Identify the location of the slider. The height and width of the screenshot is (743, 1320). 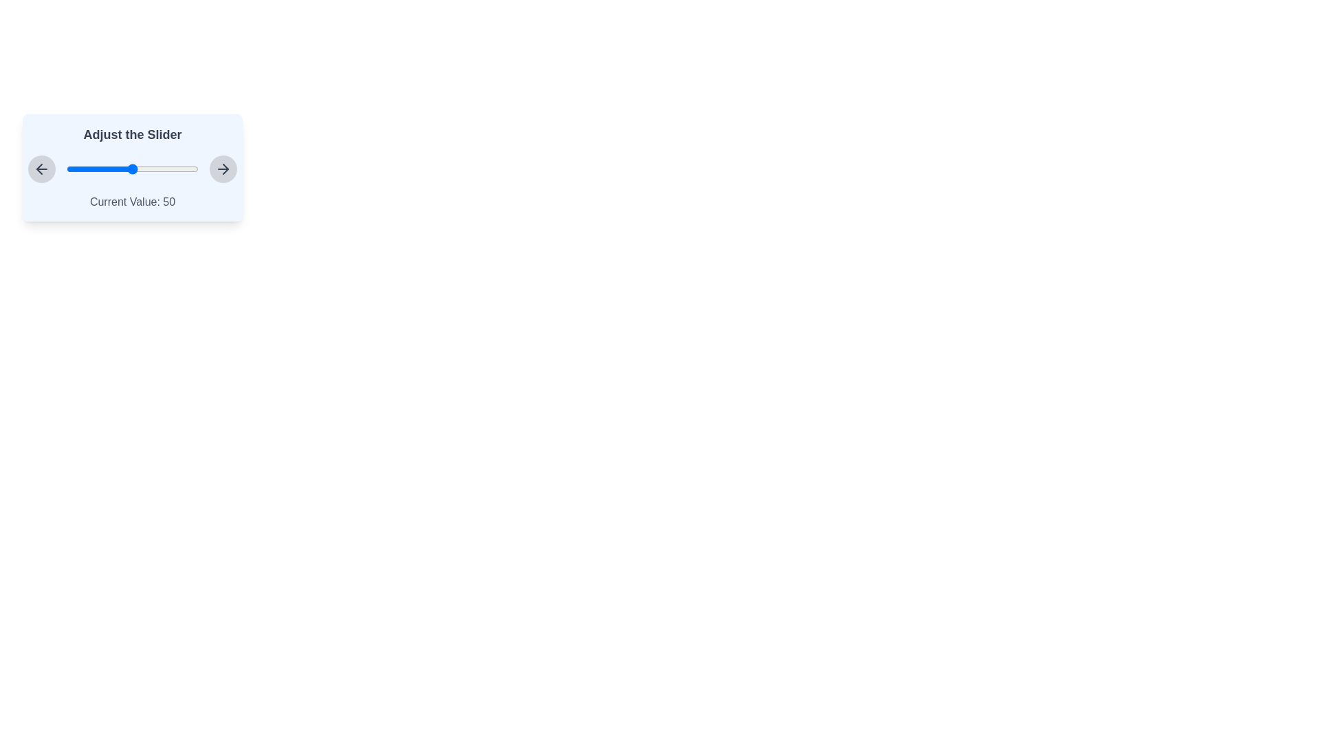
(164, 169).